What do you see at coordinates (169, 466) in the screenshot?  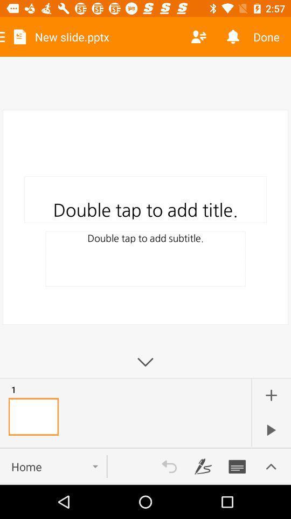 I see `back` at bounding box center [169, 466].